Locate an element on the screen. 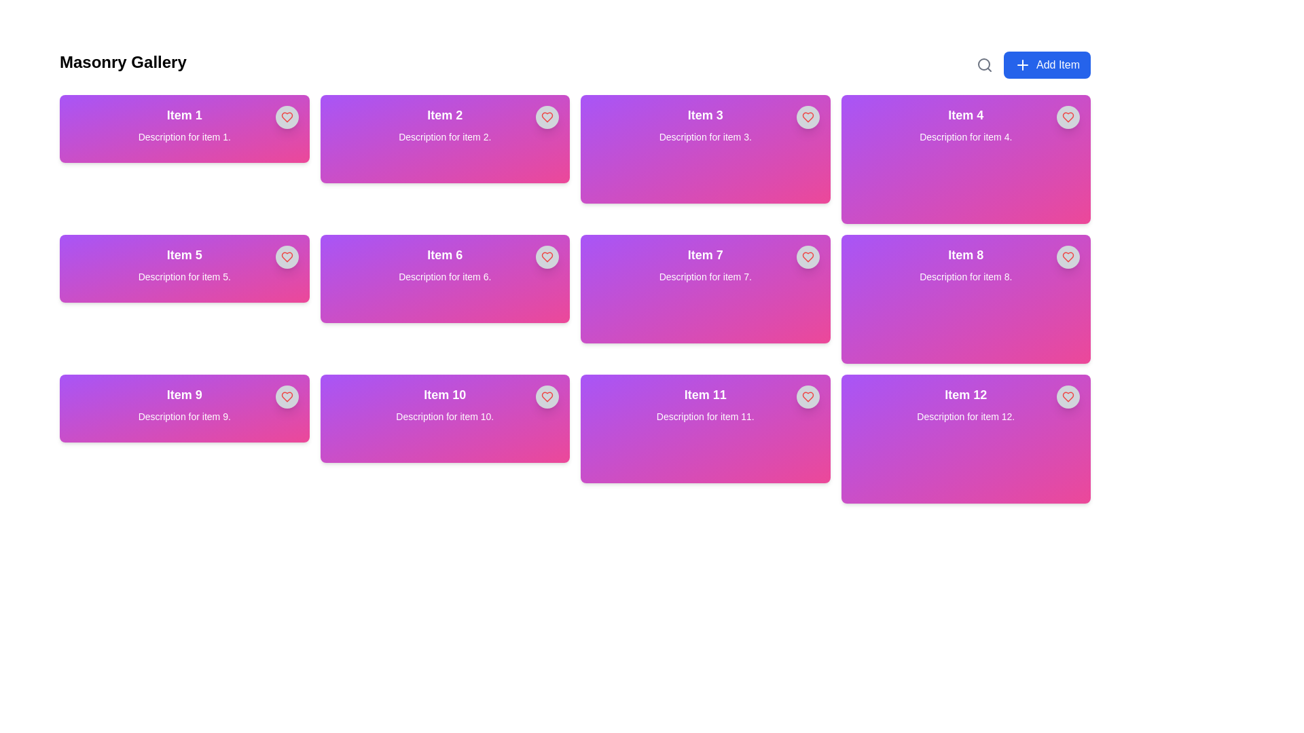 The width and height of the screenshot is (1304, 733). text from the Text Label element that displays 'Description for item 11.' located within the 'Item 11' card is located at coordinates (705, 415).